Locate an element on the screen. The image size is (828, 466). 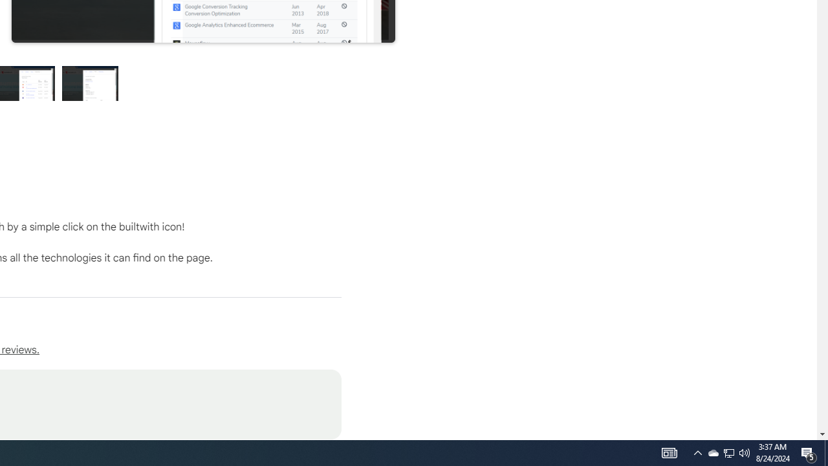
'Preview slide 4' is located at coordinates (90, 83).